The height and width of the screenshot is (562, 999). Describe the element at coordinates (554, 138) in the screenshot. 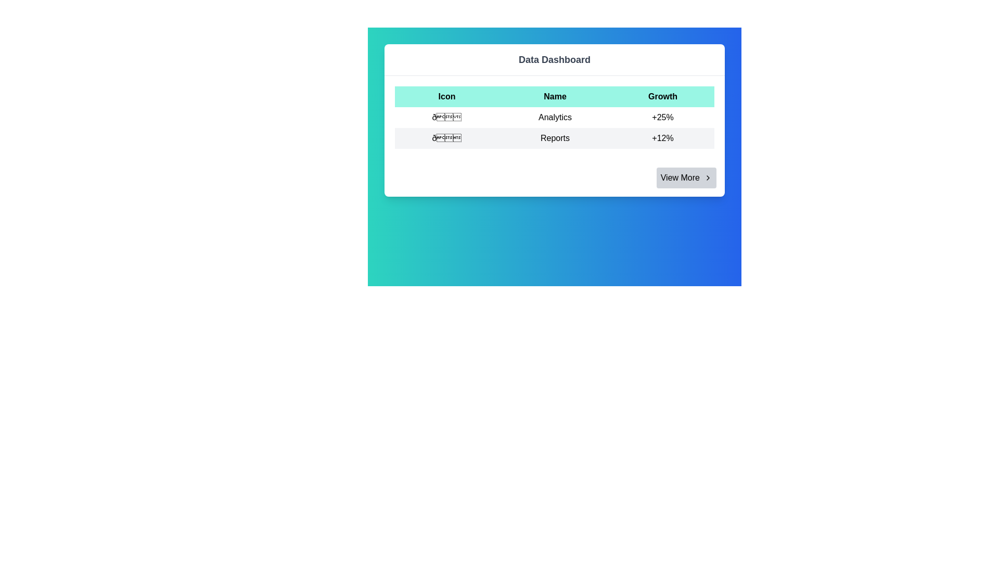

I see `the word 'Reports' in the second entry of the table row data` at that location.